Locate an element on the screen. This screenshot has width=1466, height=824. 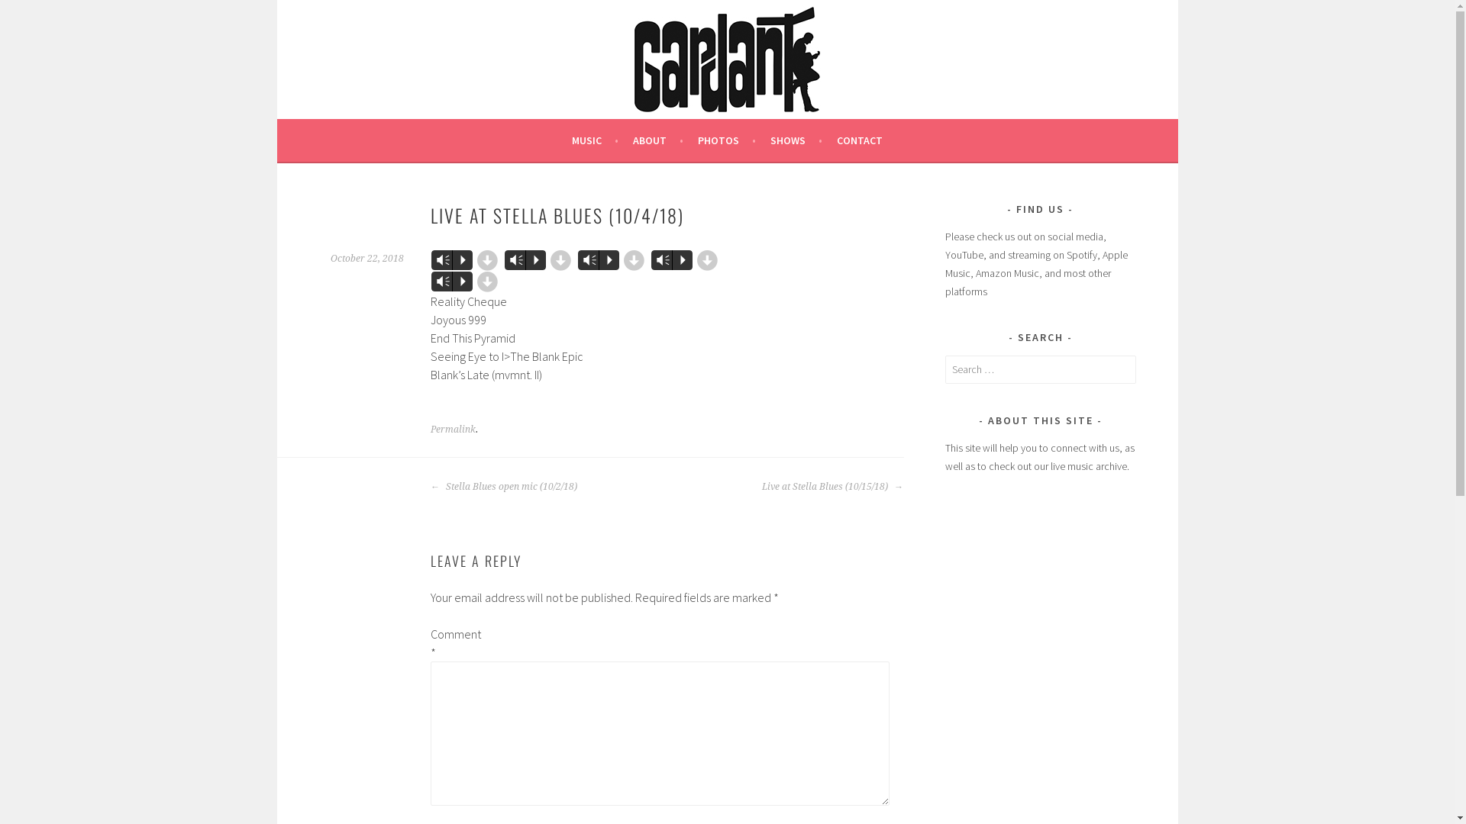
'd' is located at coordinates (634, 259).